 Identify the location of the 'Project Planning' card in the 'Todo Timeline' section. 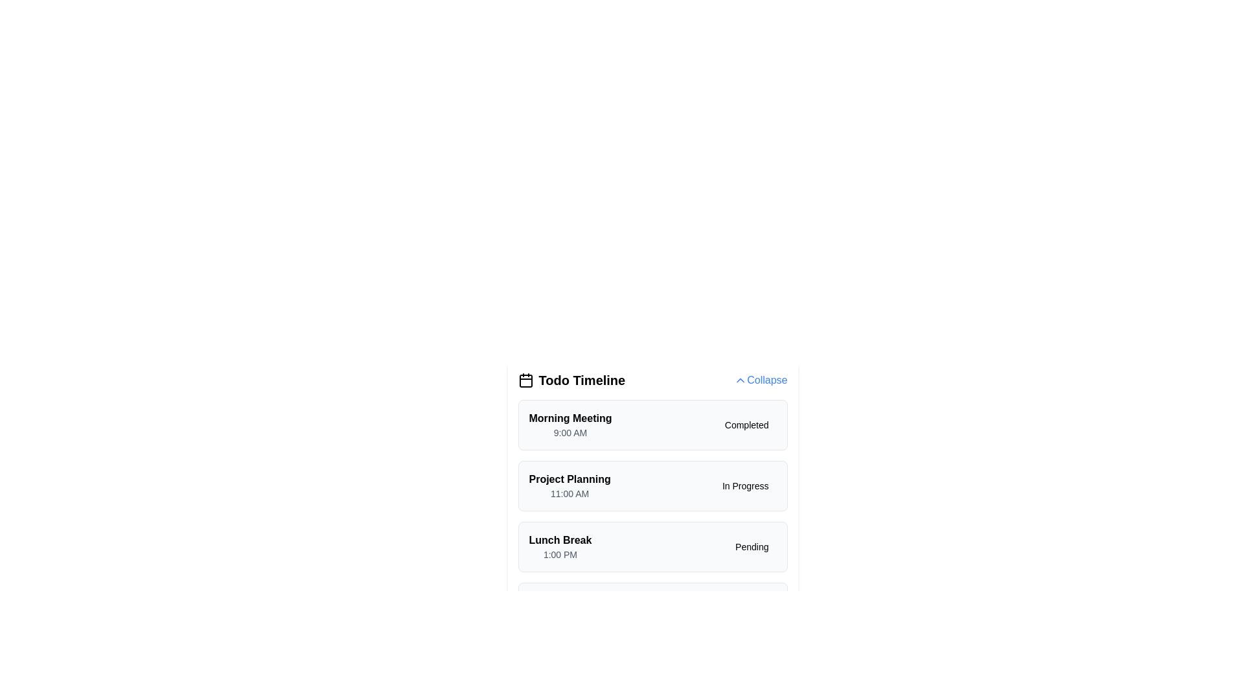
(652, 485).